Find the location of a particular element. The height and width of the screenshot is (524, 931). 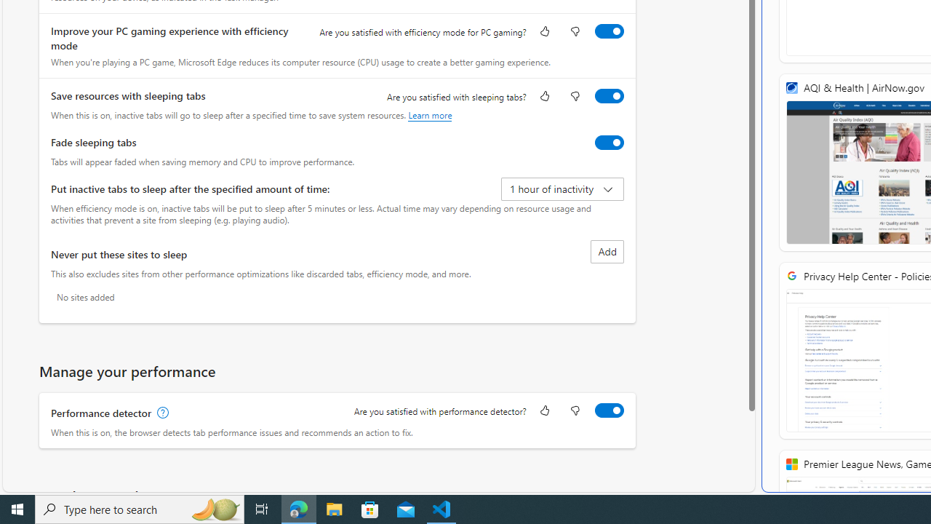

'Fade sleeping tabs' is located at coordinates (609, 142).